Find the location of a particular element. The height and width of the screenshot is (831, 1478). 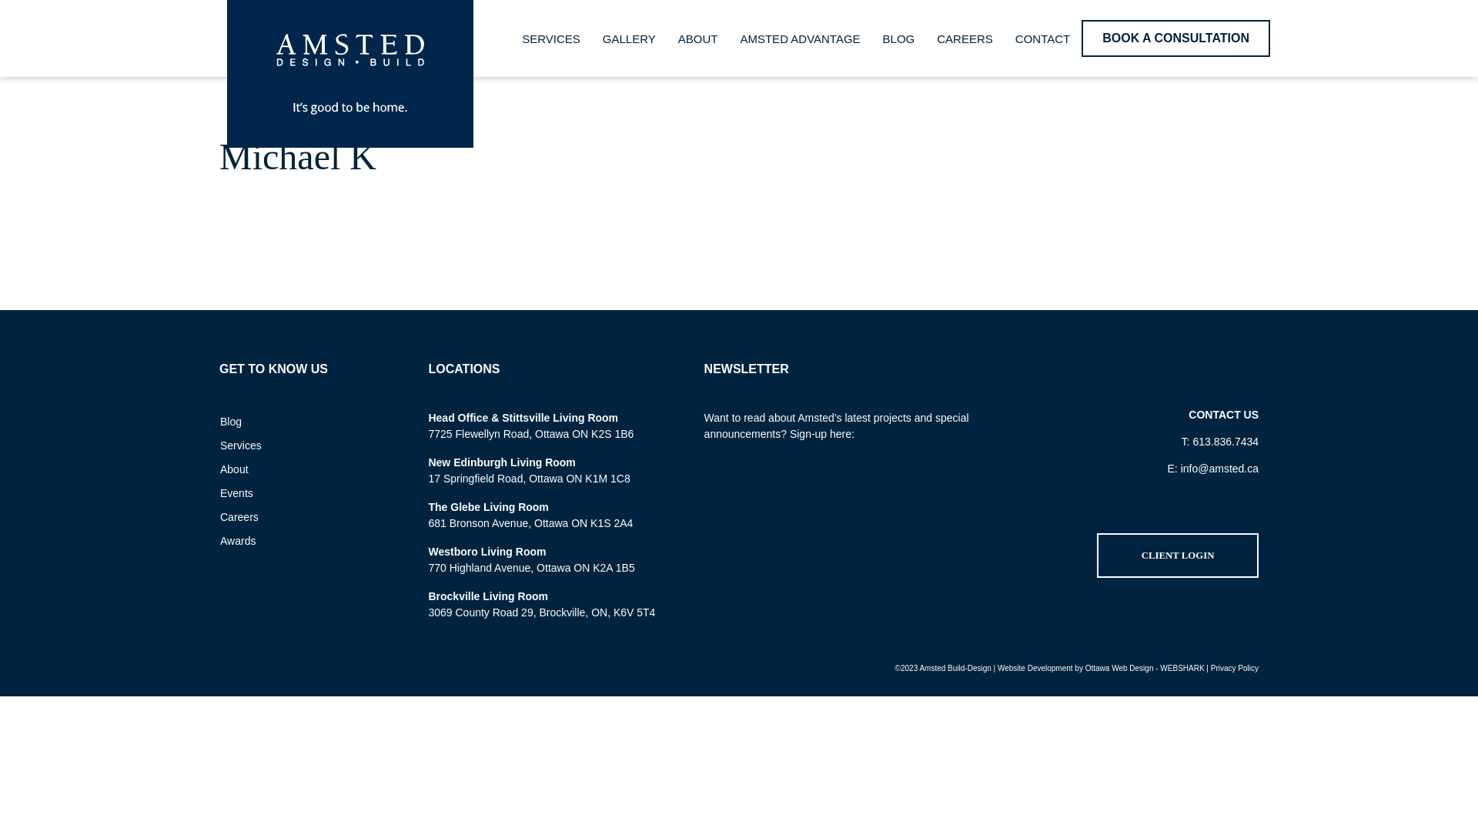

'Blog' is located at coordinates (299, 421).